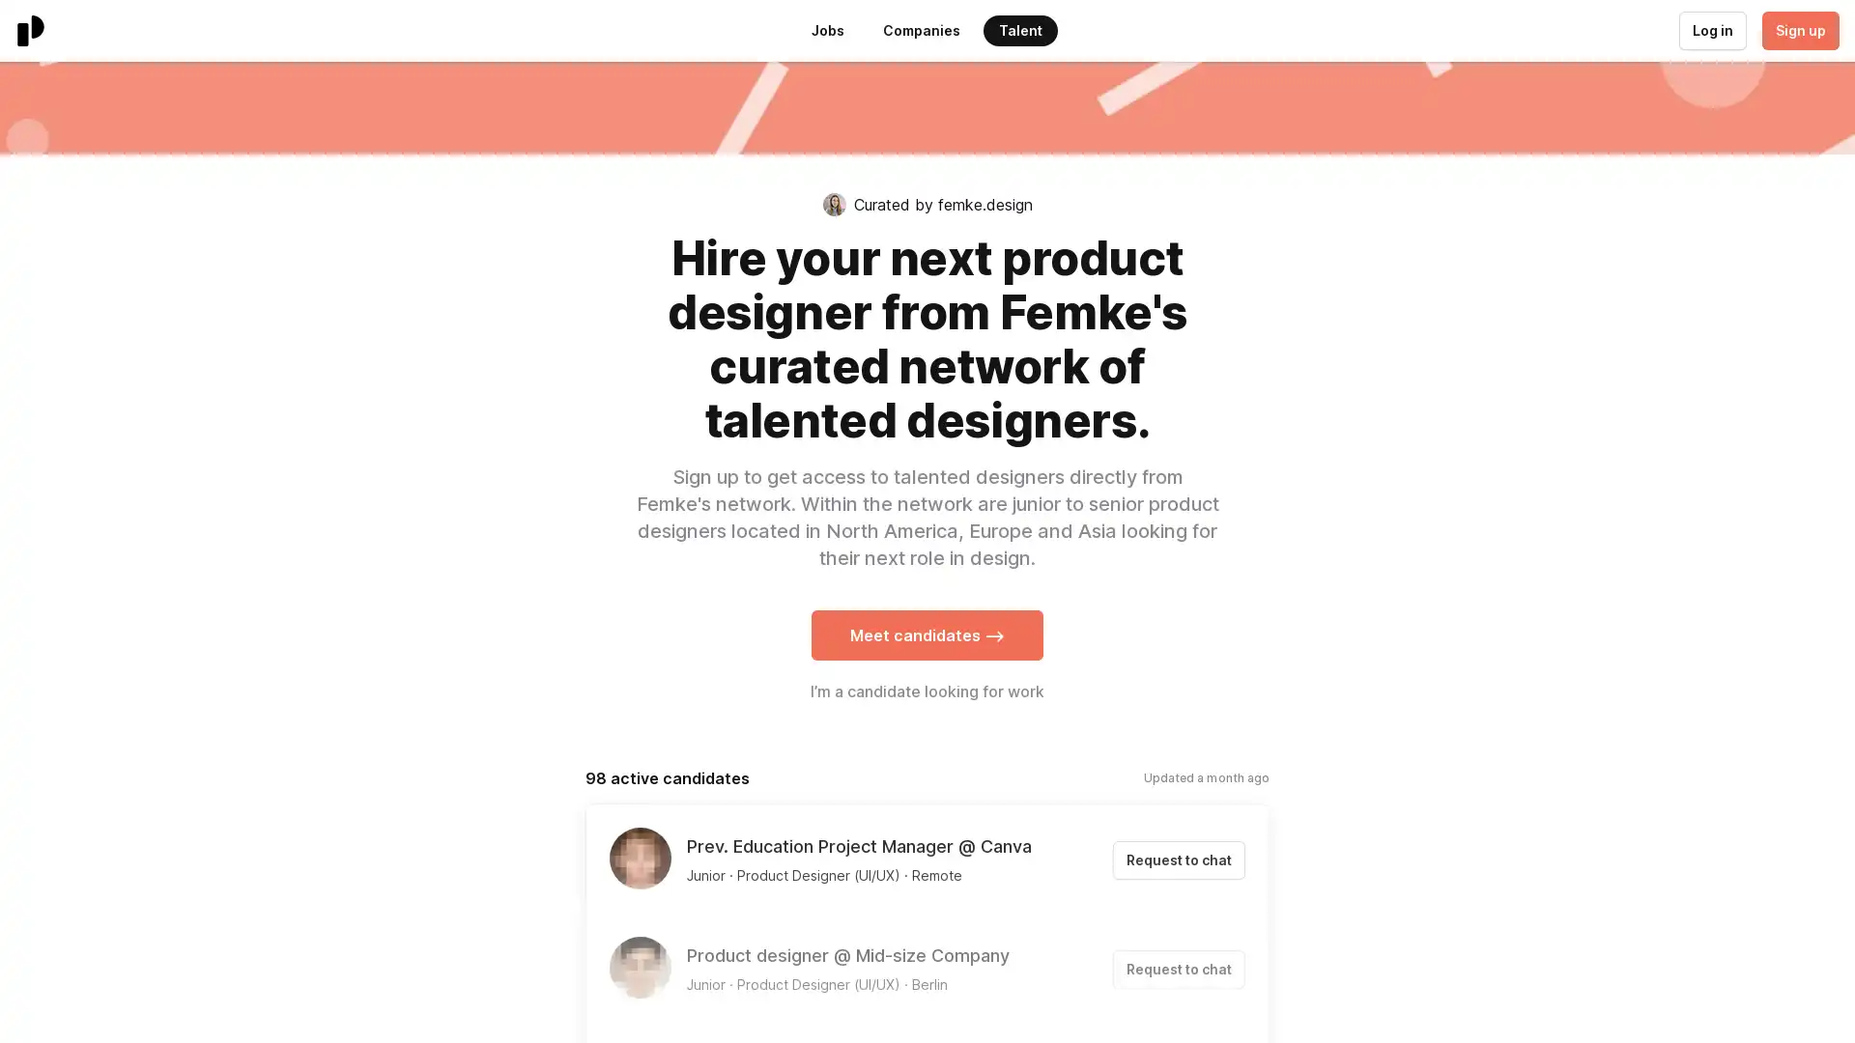 The width and height of the screenshot is (1855, 1043). Describe the element at coordinates (1711, 30) in the screenshot. I see `Log in` at that location.